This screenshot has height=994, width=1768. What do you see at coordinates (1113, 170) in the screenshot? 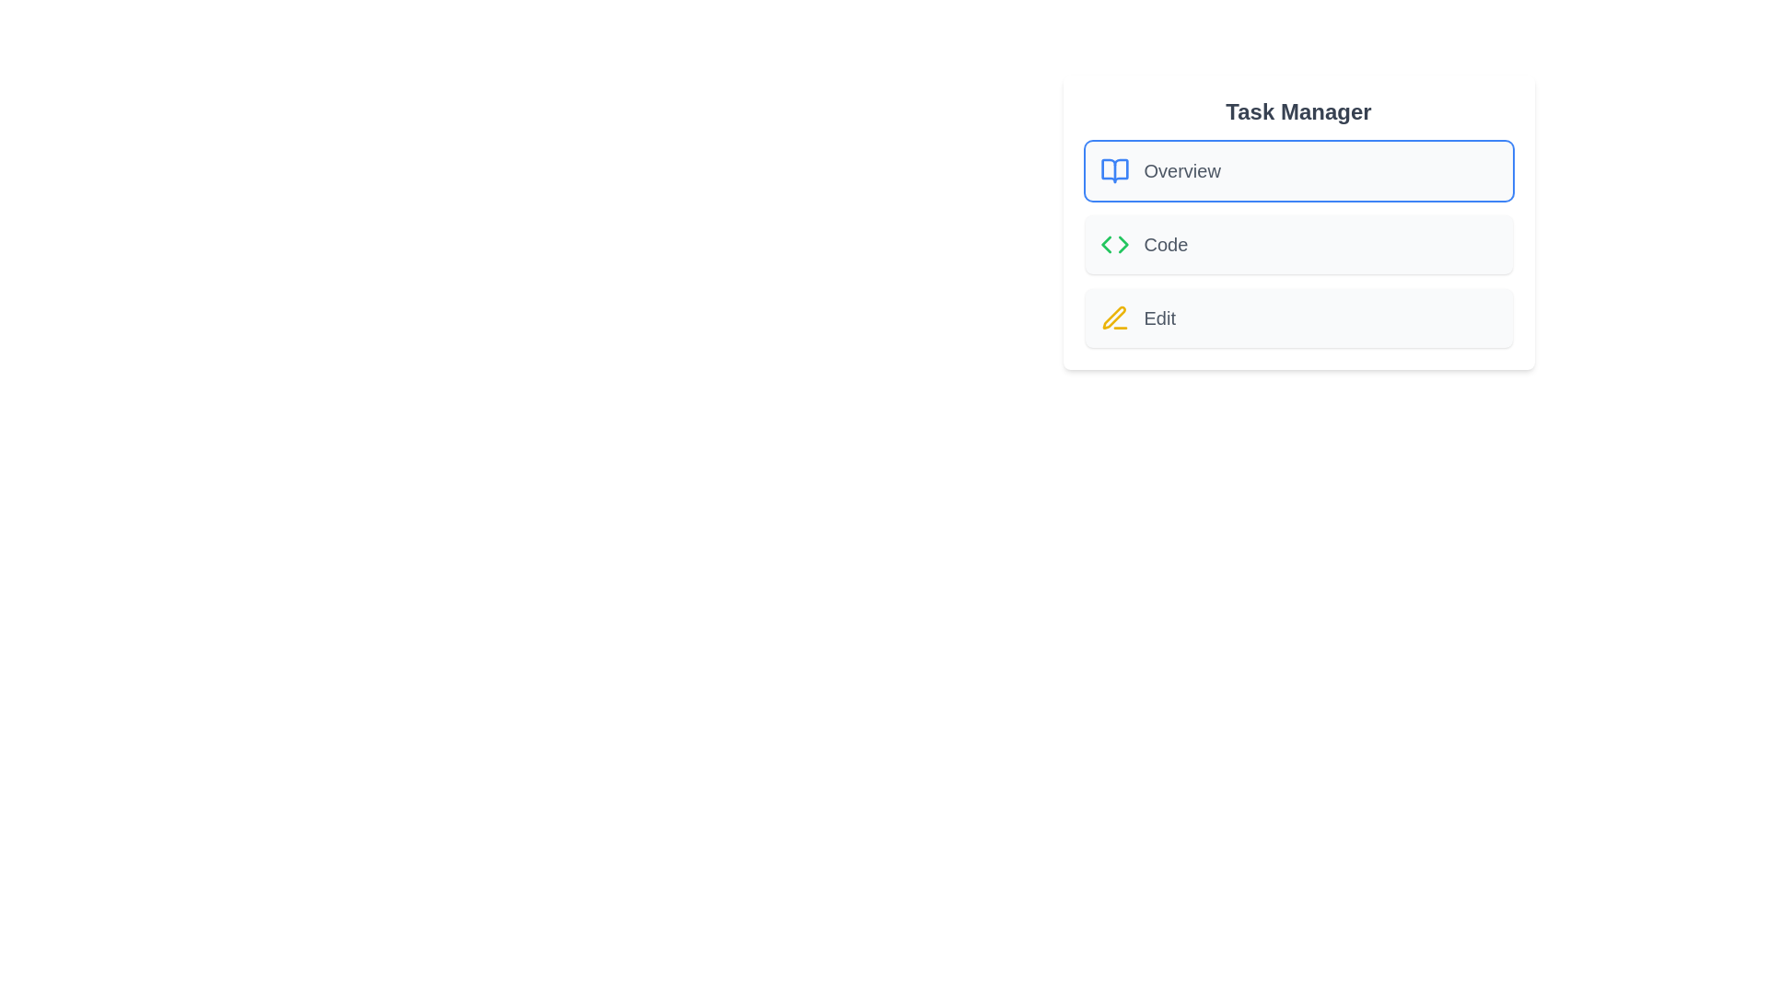
I see `the decorative icon for the 'Overview' option in the Task Manager sidebar, located to the left of the text 'Overview'` at bounding box center [1113, 170].